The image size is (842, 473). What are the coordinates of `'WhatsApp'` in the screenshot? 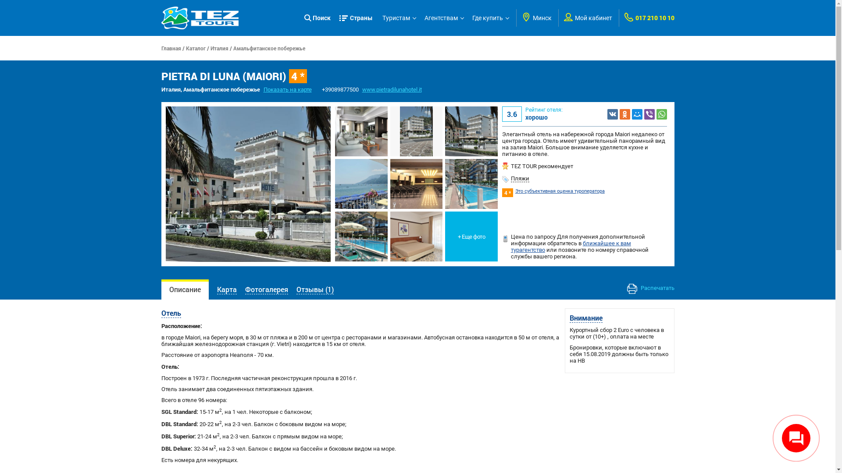 It's located at (656, 113).